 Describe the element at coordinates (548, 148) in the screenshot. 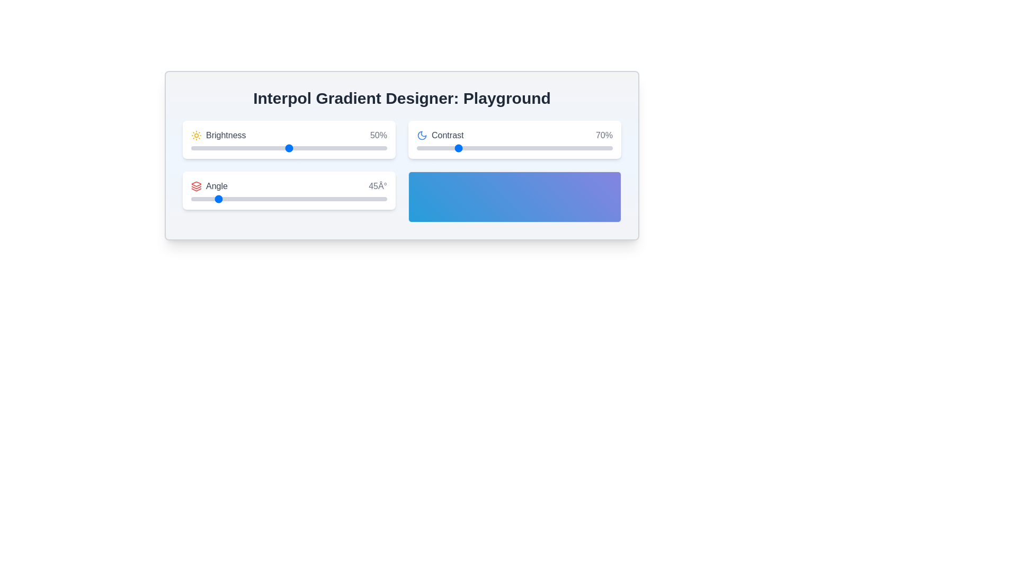

I see `the contrast level` at that location.